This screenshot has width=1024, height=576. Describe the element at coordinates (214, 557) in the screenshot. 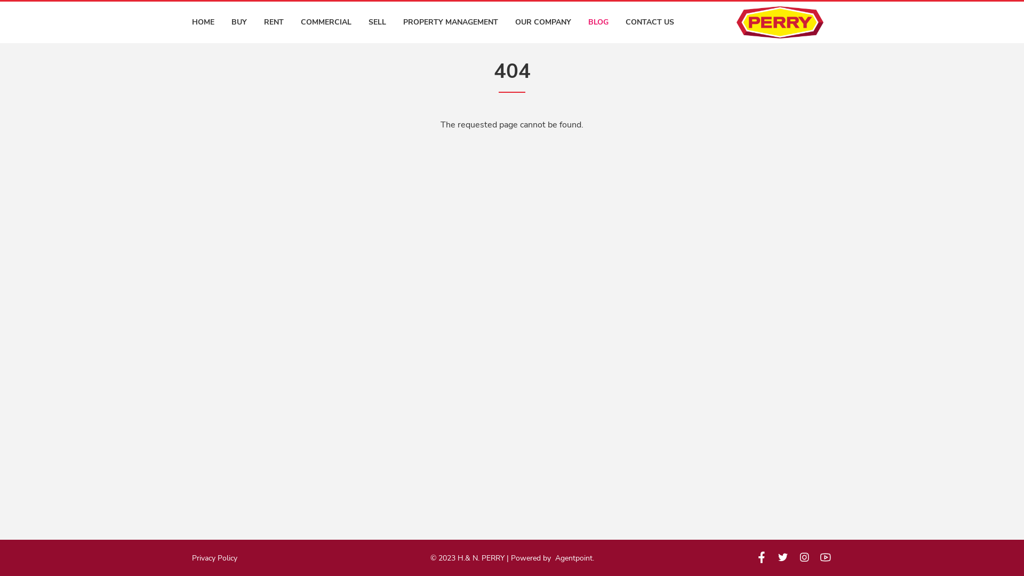

I see `'Privacy Policy'` at that location.